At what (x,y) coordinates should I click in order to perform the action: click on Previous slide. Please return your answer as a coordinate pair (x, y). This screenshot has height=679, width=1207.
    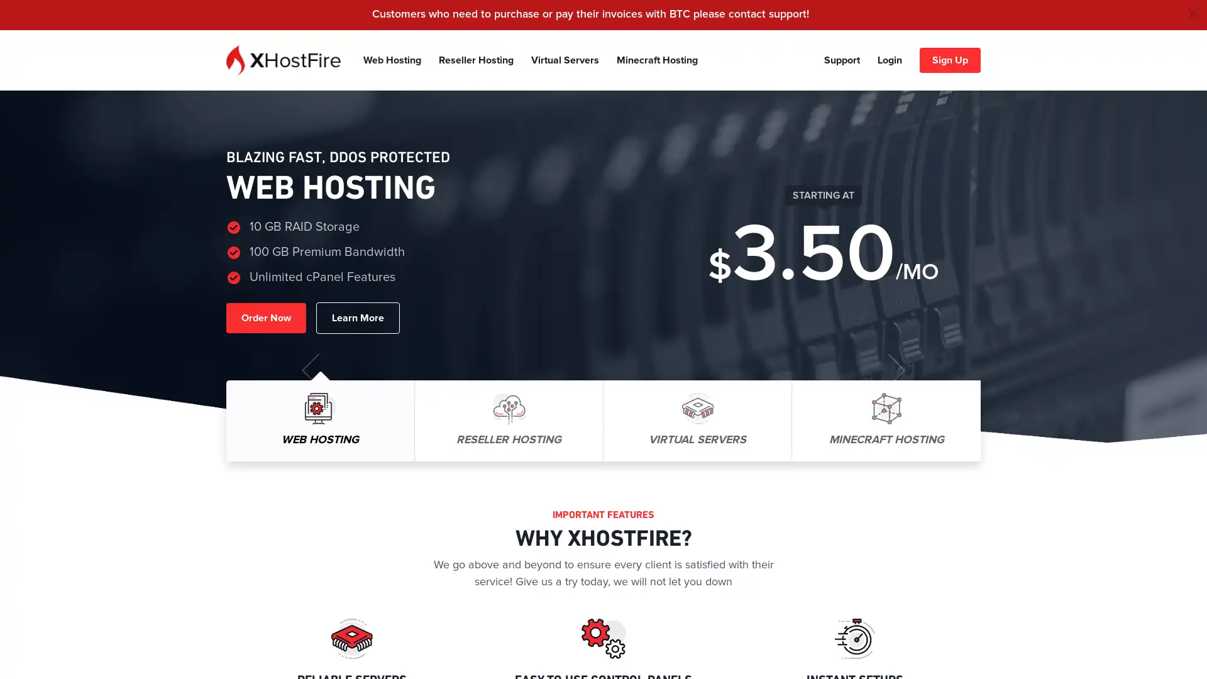
    Looking at the image, I should click on (311, 369).